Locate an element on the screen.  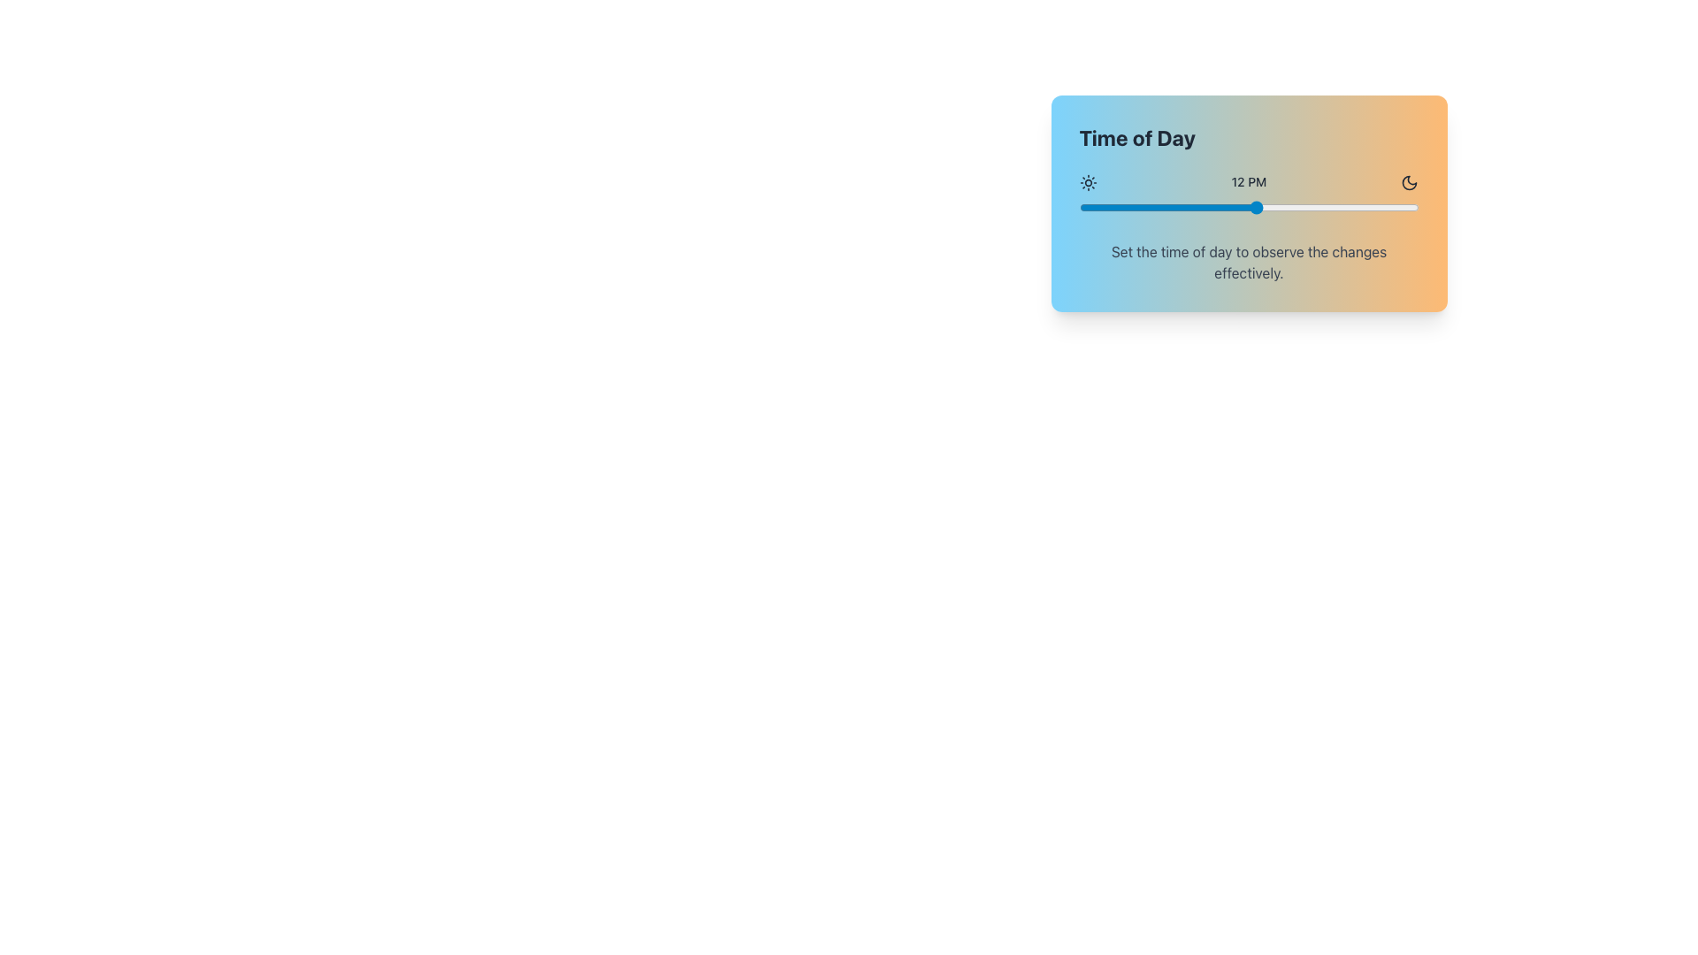
the text label displaying '12 PM' that is centrally placed under the heading 'Time of Day', flanked by sun and moon icons is located at coordinates (1248, 182).